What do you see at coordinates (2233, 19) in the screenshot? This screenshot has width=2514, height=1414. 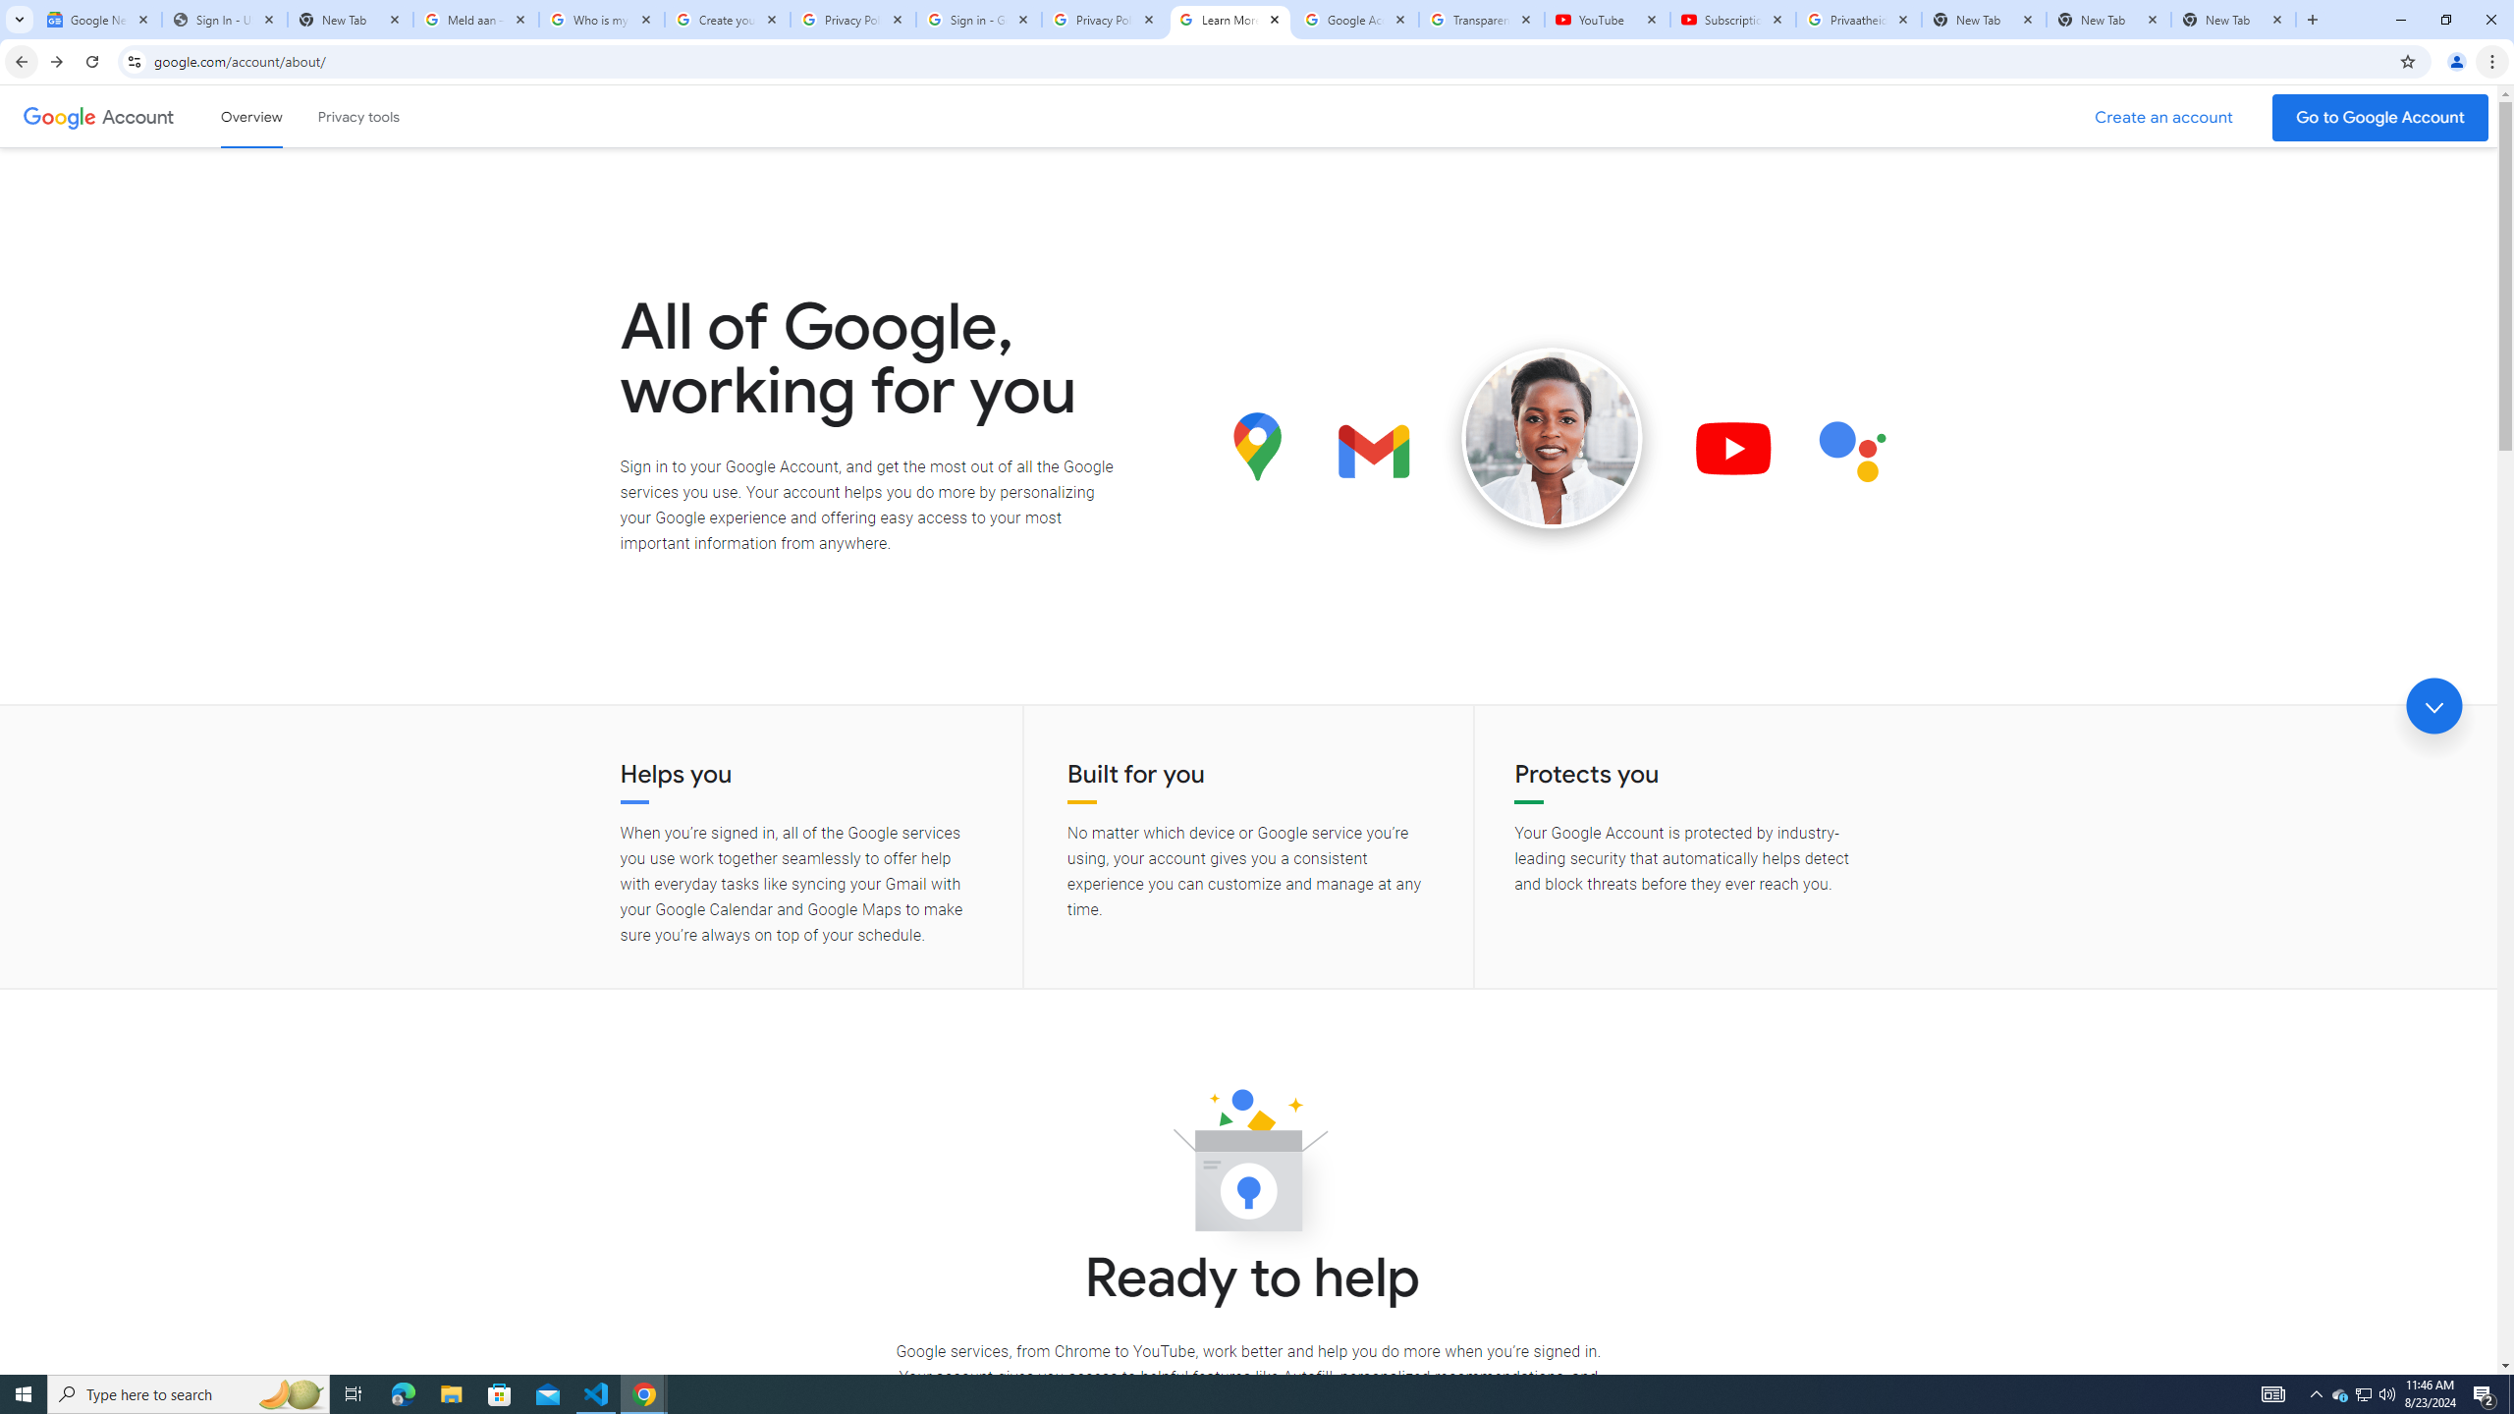 I see `'New Tab'` at bounding box center [2233, 19].